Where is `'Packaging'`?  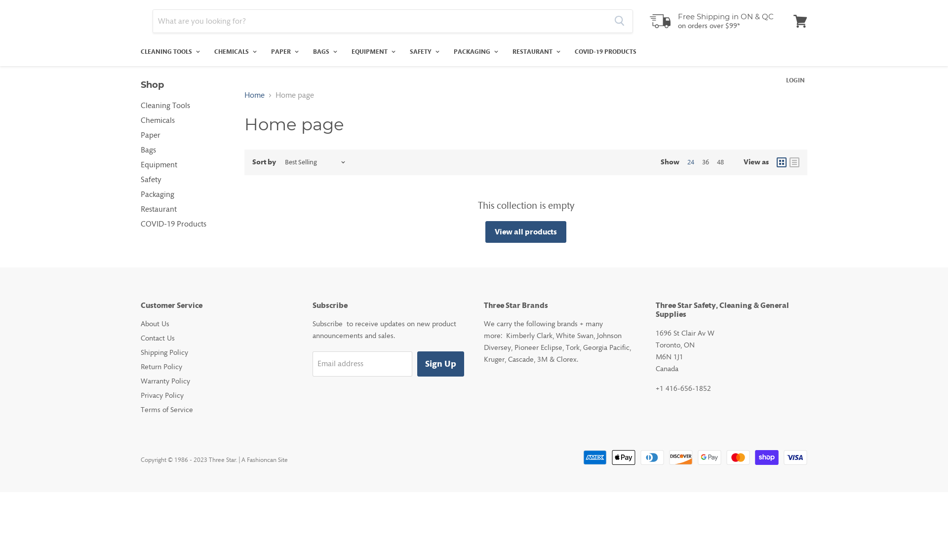 'Packaging' is located at coordinates (157, 194).